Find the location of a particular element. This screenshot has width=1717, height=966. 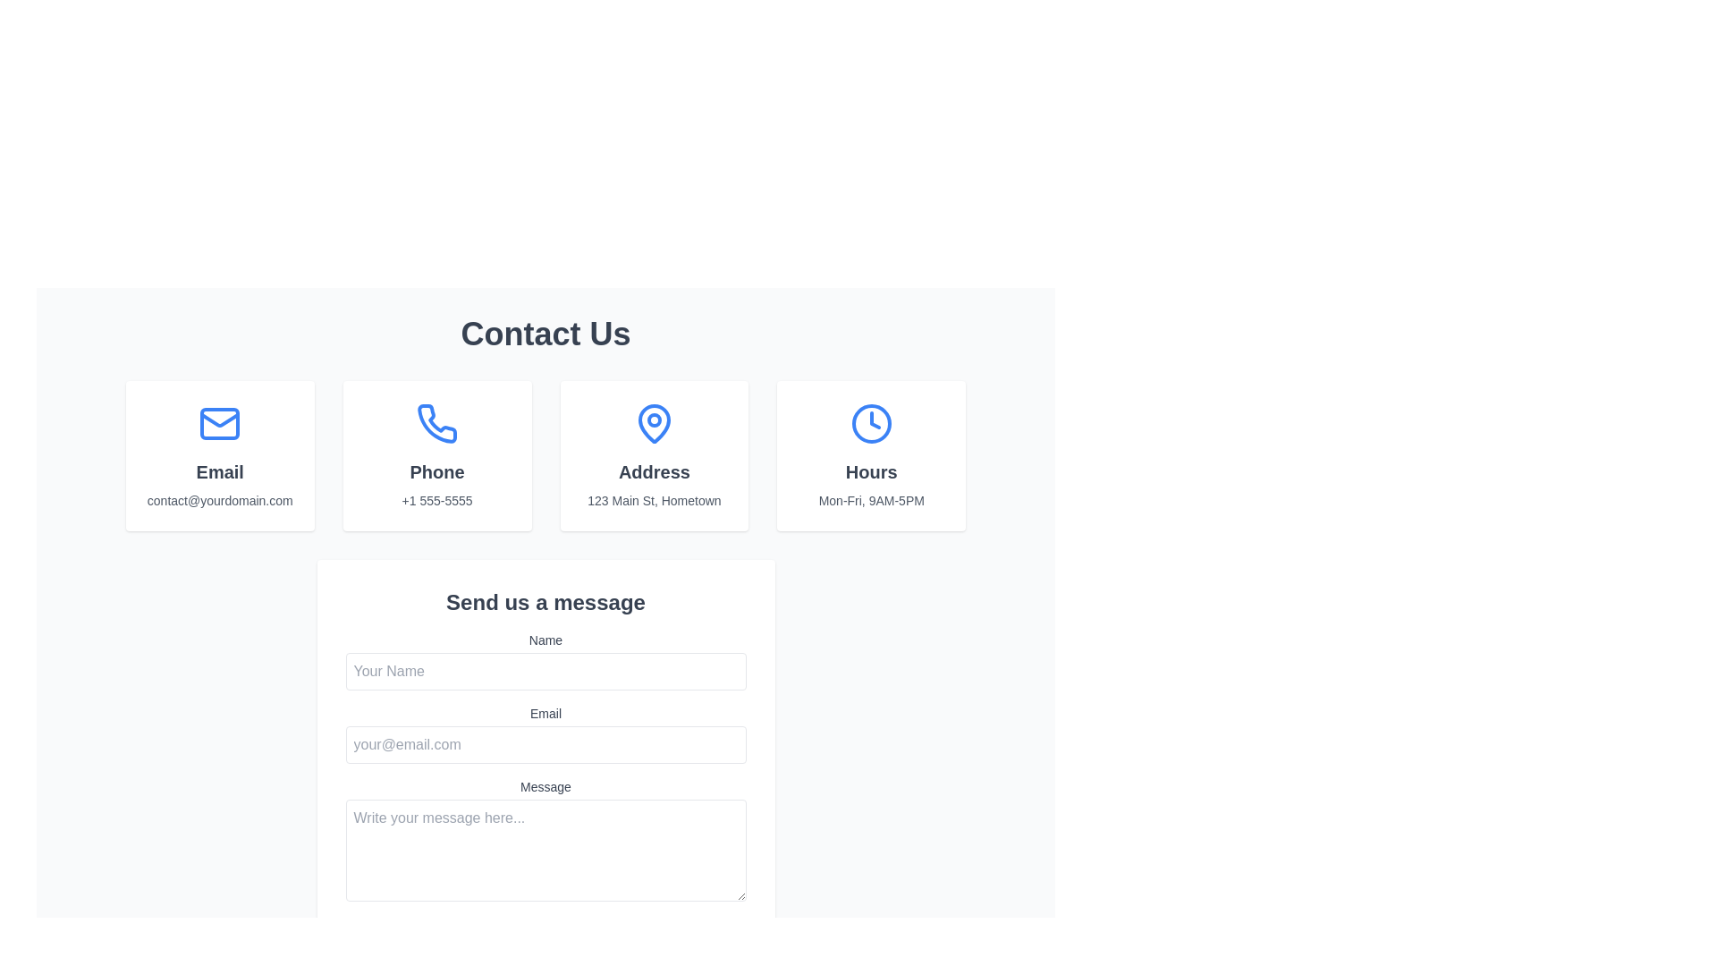

text label that says 'Message', which is positioned above the text area input field in the 'Send us a message' form is located at coordinates (545, 785).